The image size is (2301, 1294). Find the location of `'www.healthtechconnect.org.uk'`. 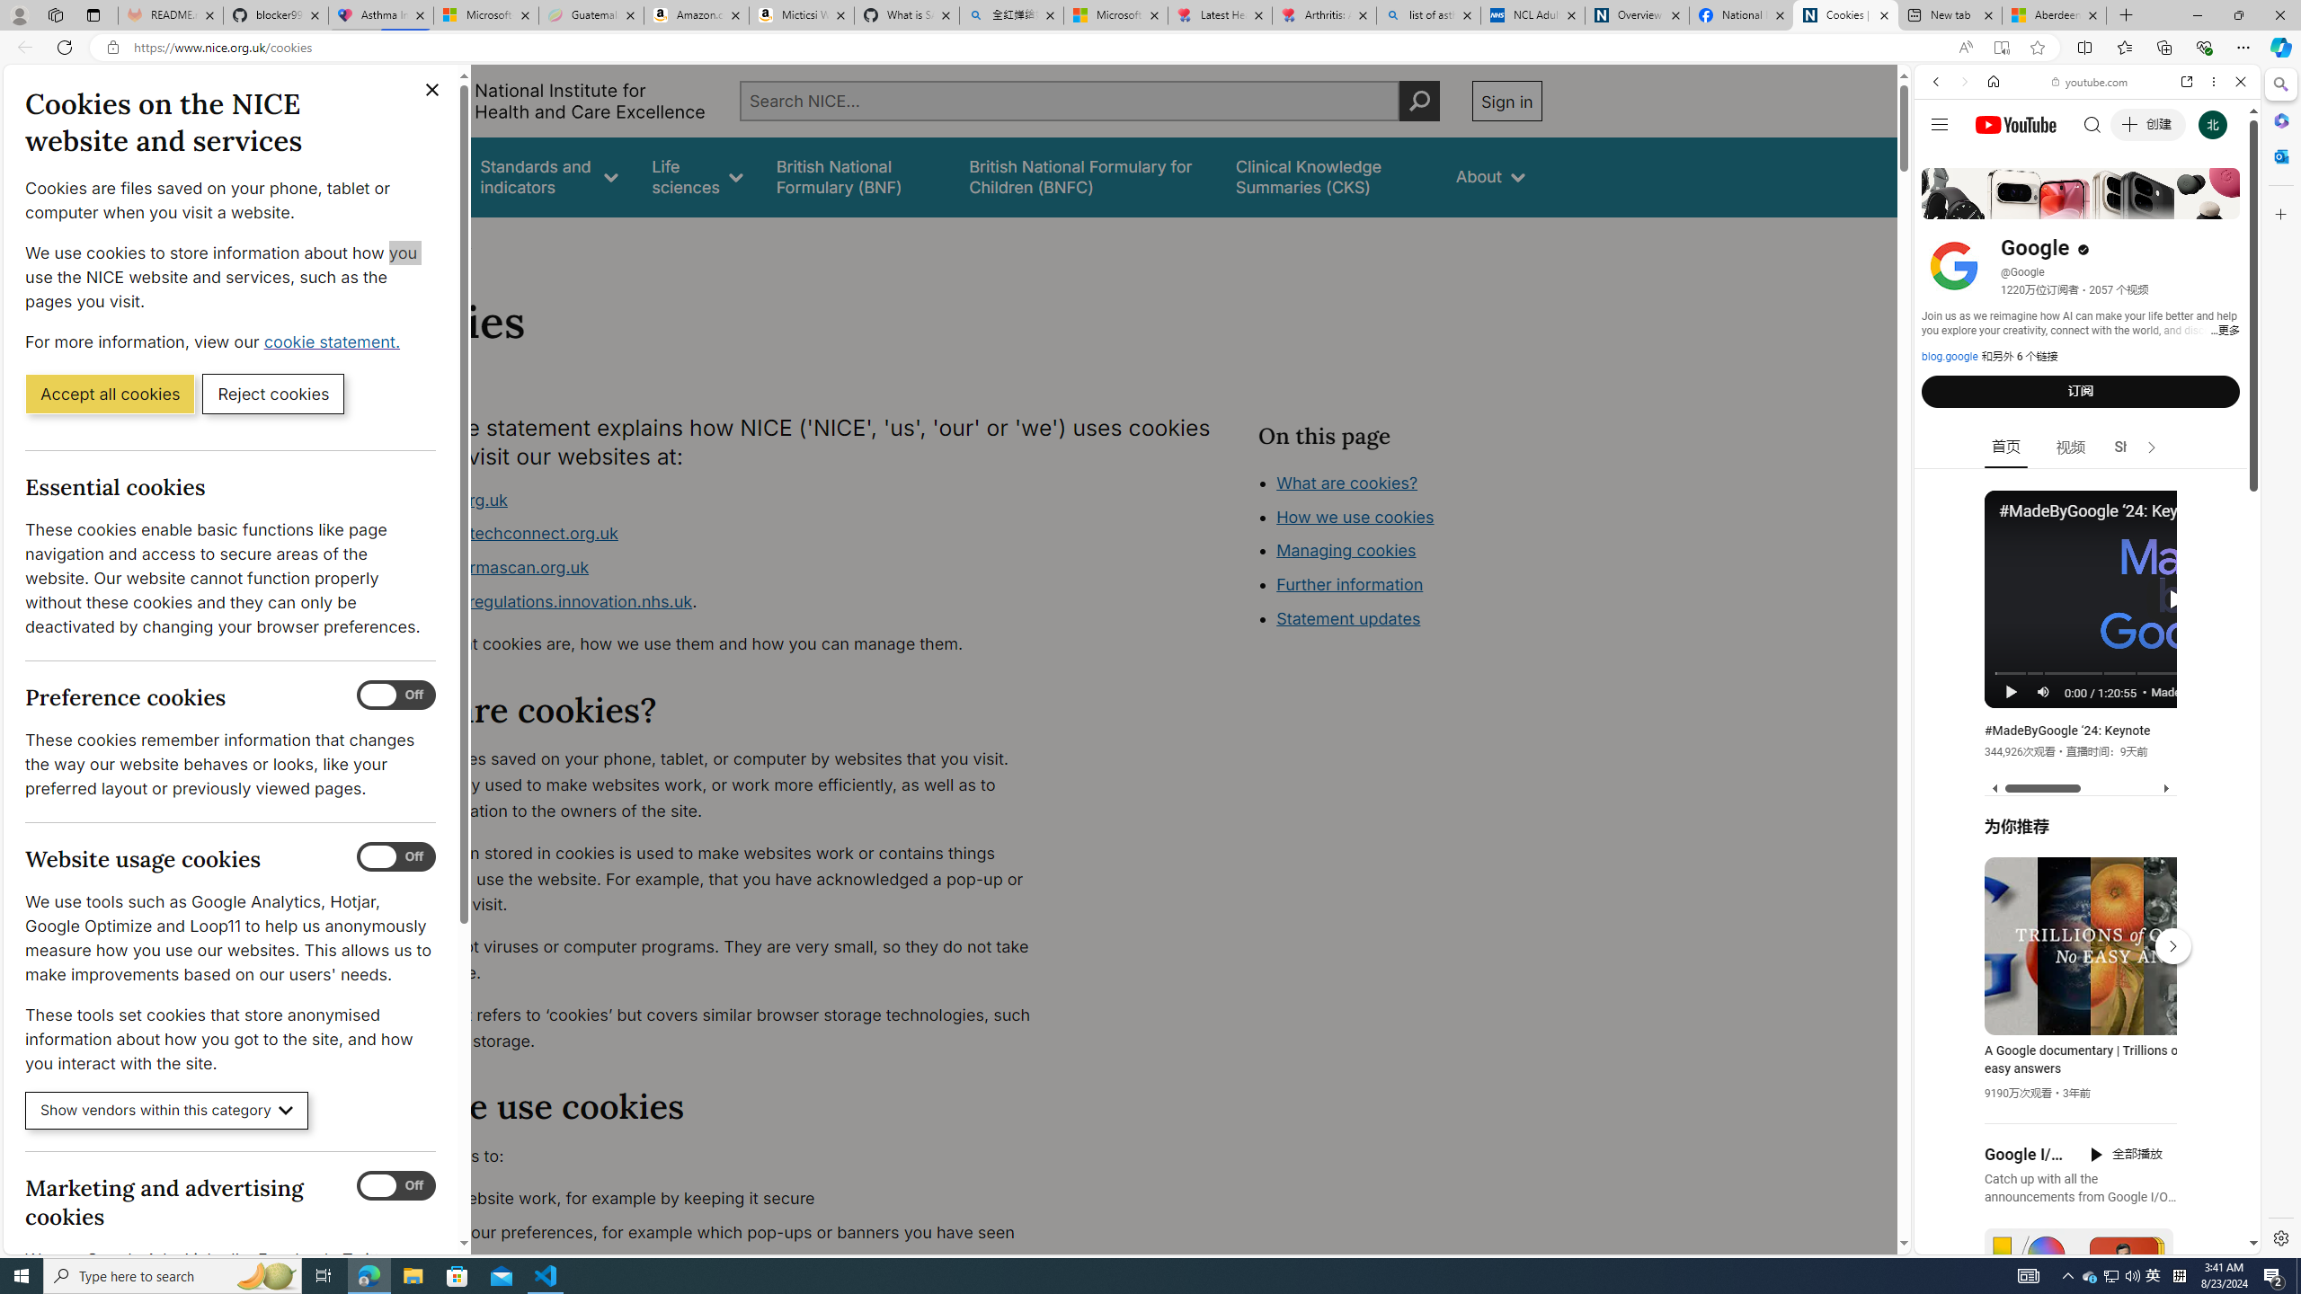

'www.healthtechconnect.org.uk' is located at coordinates (498, 533).